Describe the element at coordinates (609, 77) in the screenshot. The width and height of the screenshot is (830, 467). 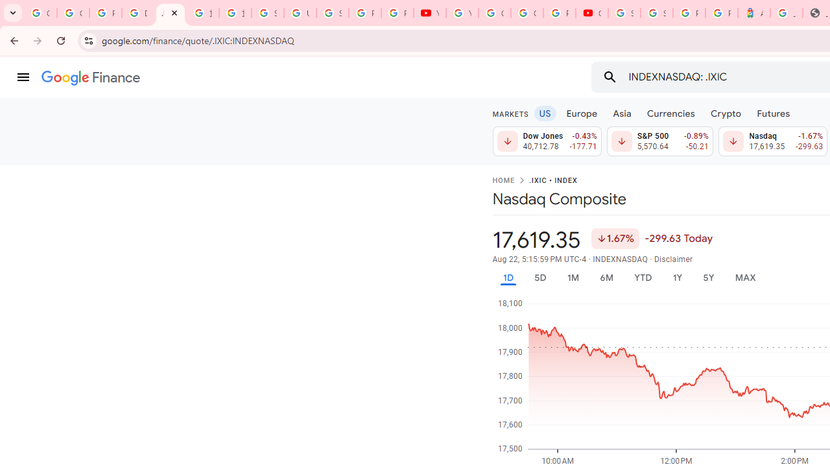
I see `'Search'` at that location.